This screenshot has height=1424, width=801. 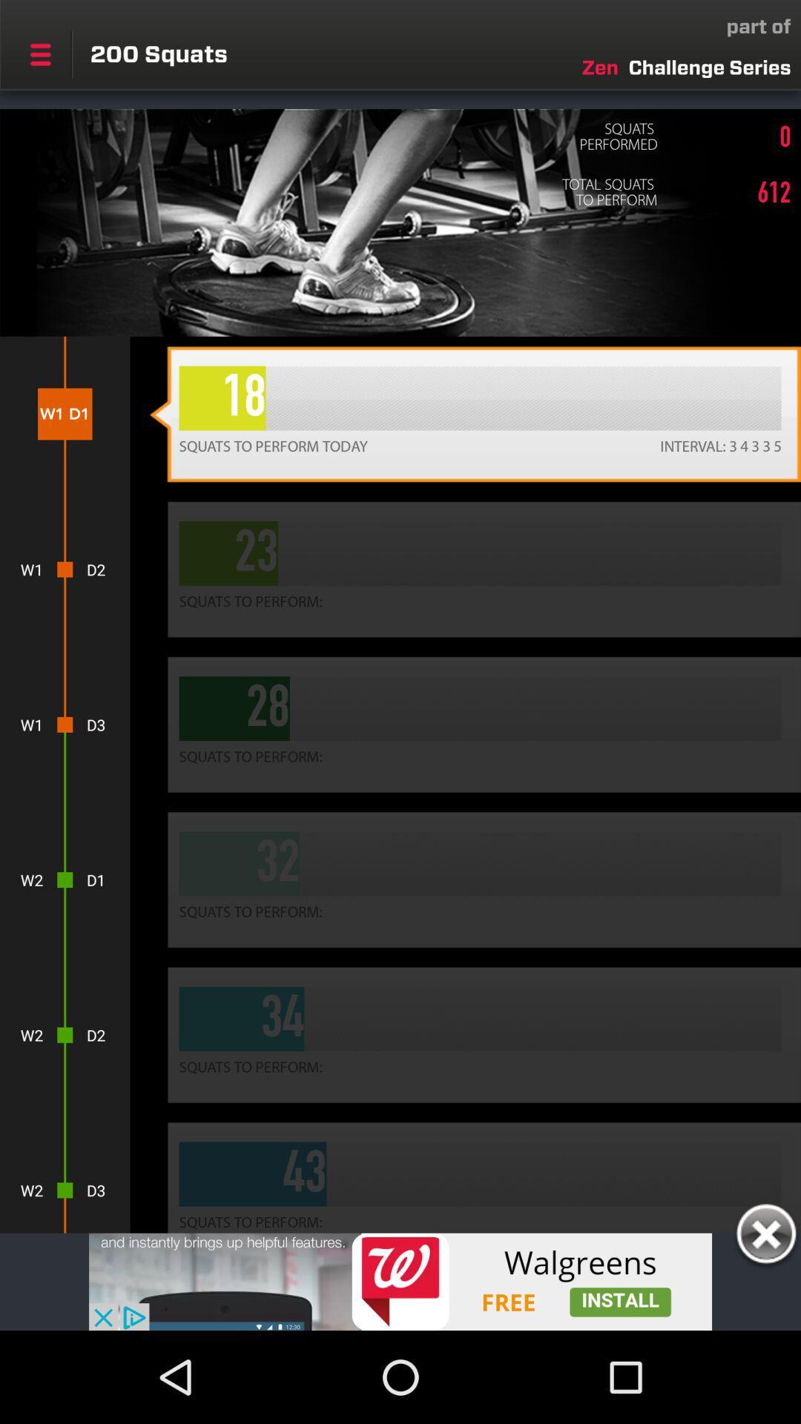 I want to click on close, so click(x=765, y=1236).